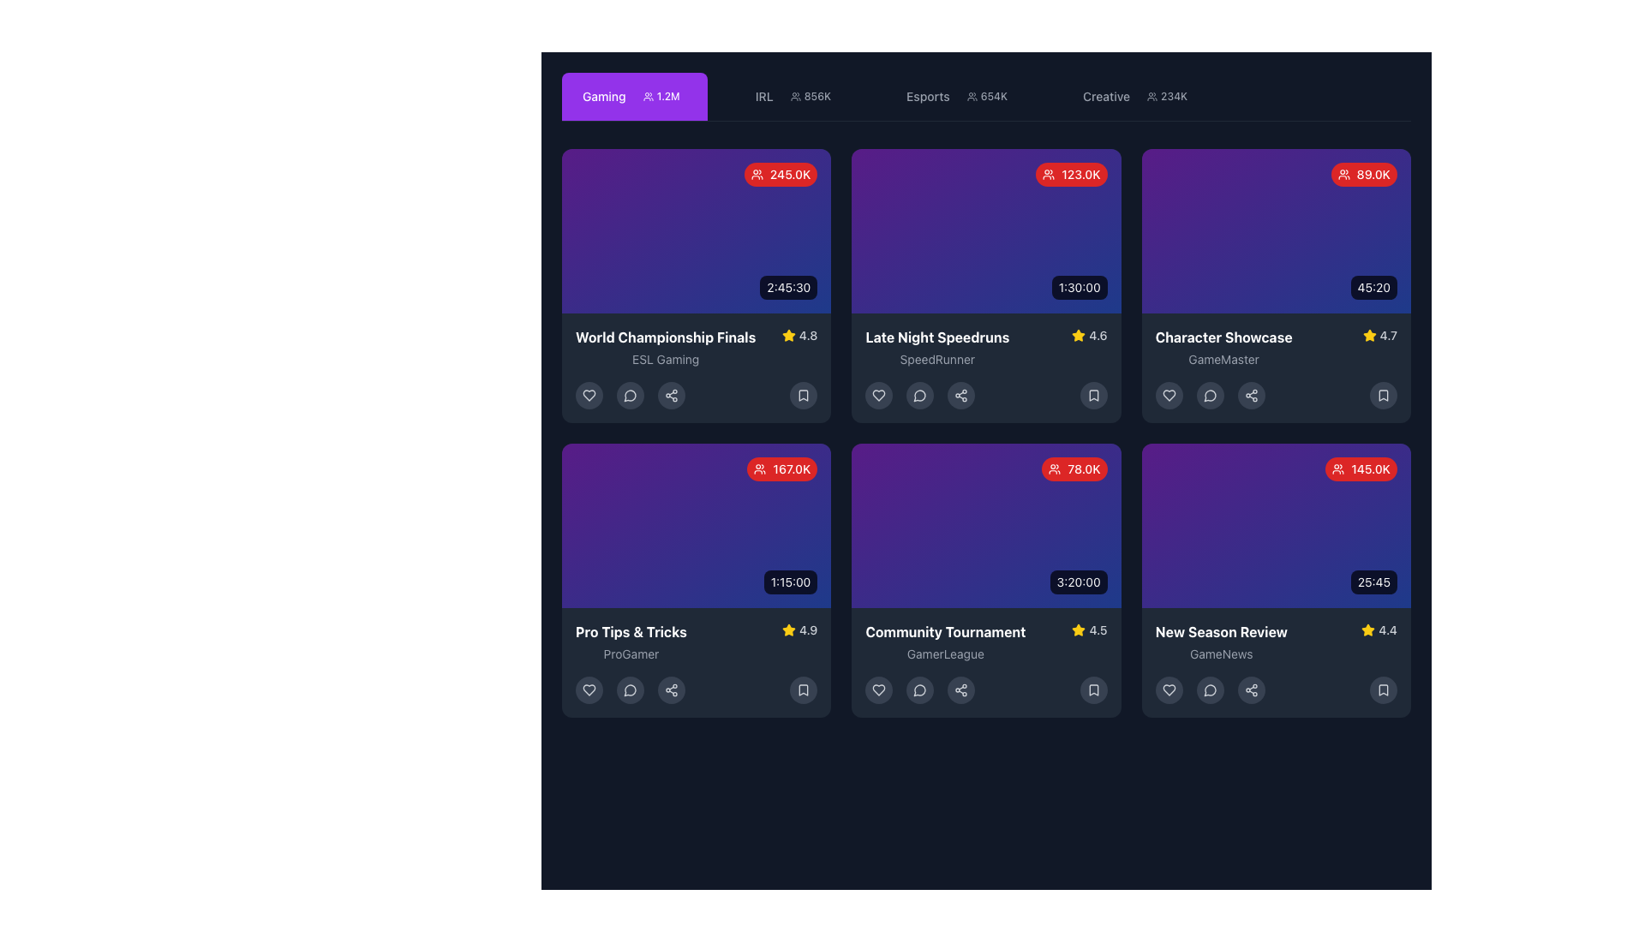  Describe the element at coordinates (919, 396) in the screenshot. I see `the circular button with a gray background and chat bubble icon, located in the bottom toolbar of the 'Late Night Speedruns' card` at that location.